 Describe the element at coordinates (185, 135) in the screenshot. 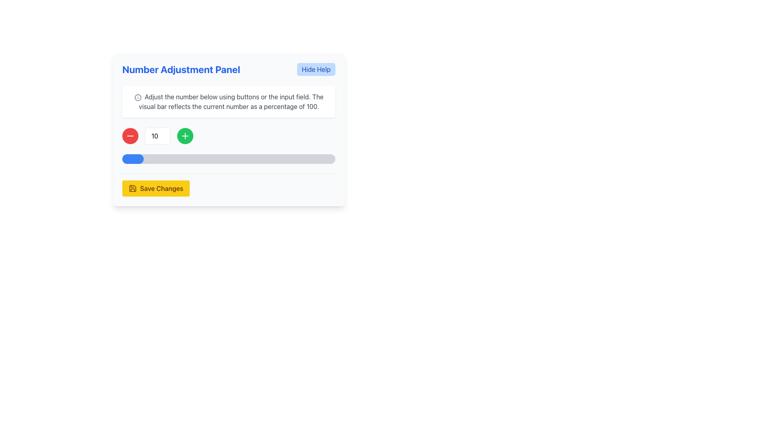

I see `the circular green button with a white border and a centered '+' icon to increment the number displayed in the adjacent text input box` at that location.